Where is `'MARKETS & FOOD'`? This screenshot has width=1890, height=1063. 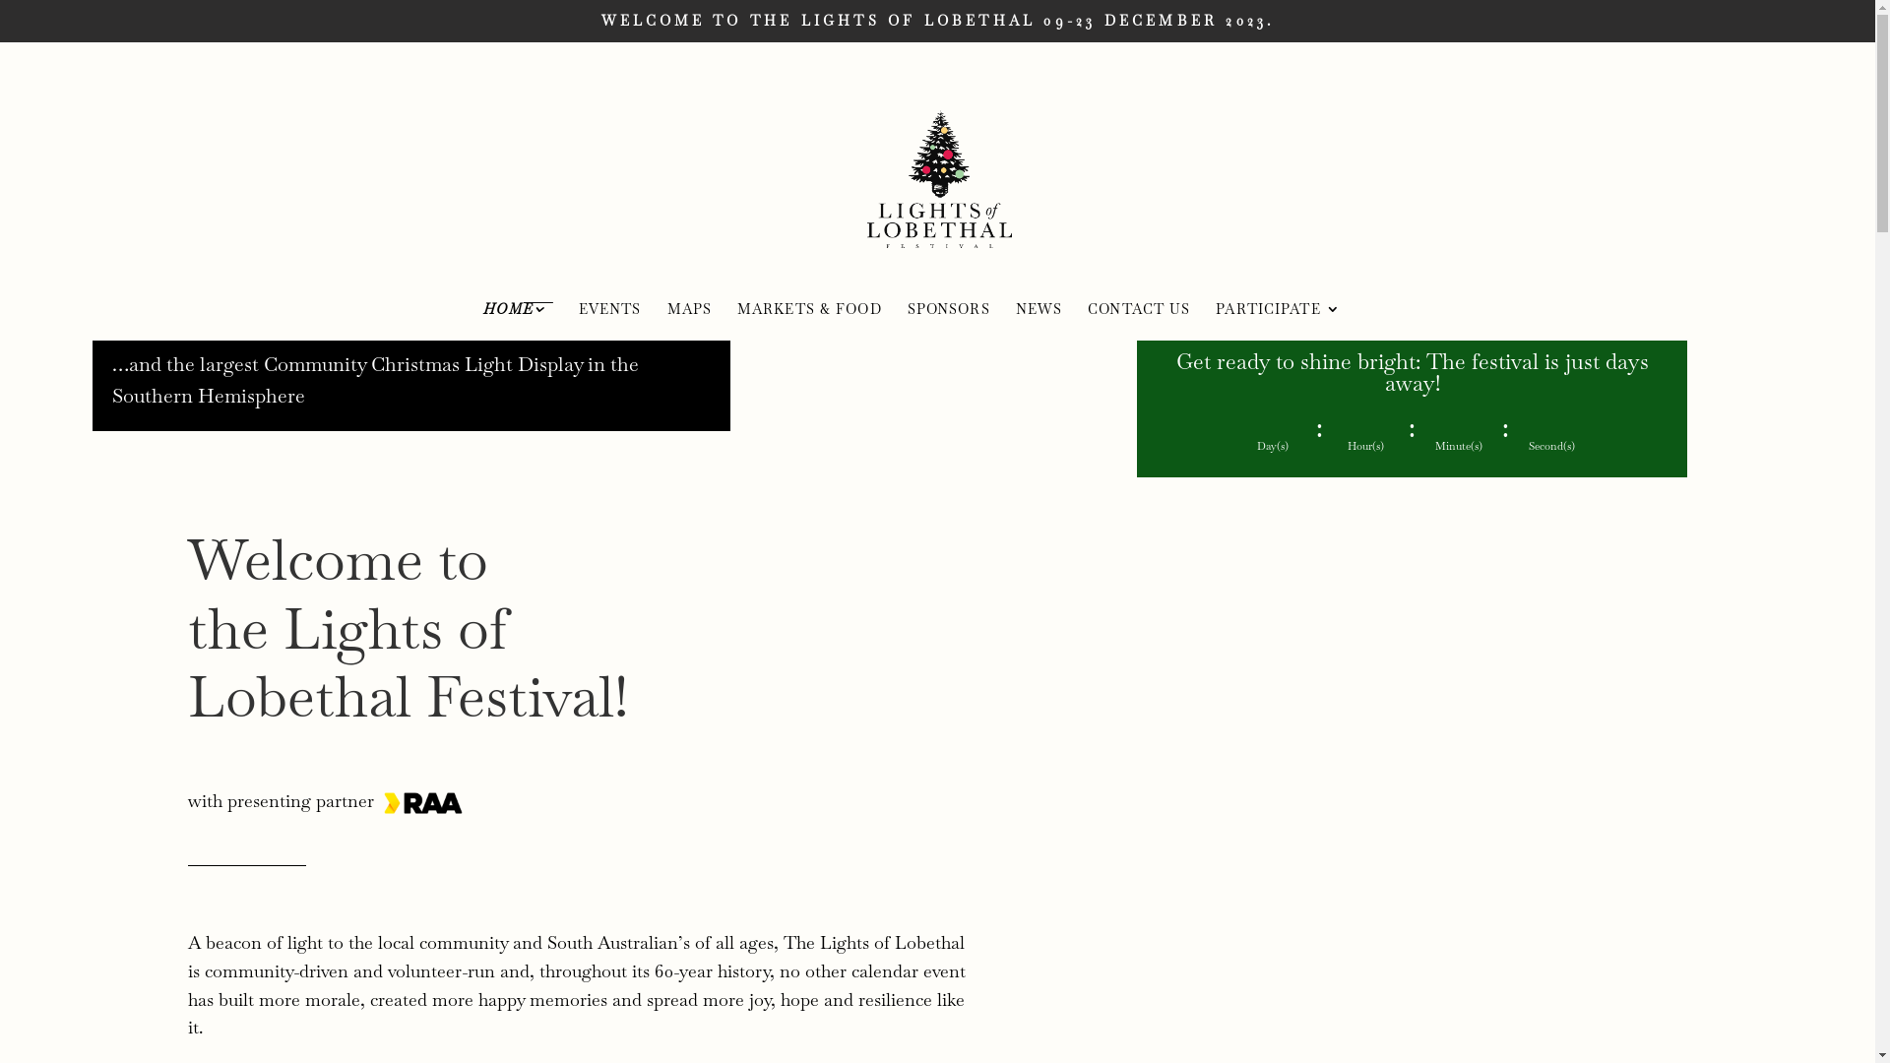
'MARKETS & FOOD' is located at coordinates (809, 320).